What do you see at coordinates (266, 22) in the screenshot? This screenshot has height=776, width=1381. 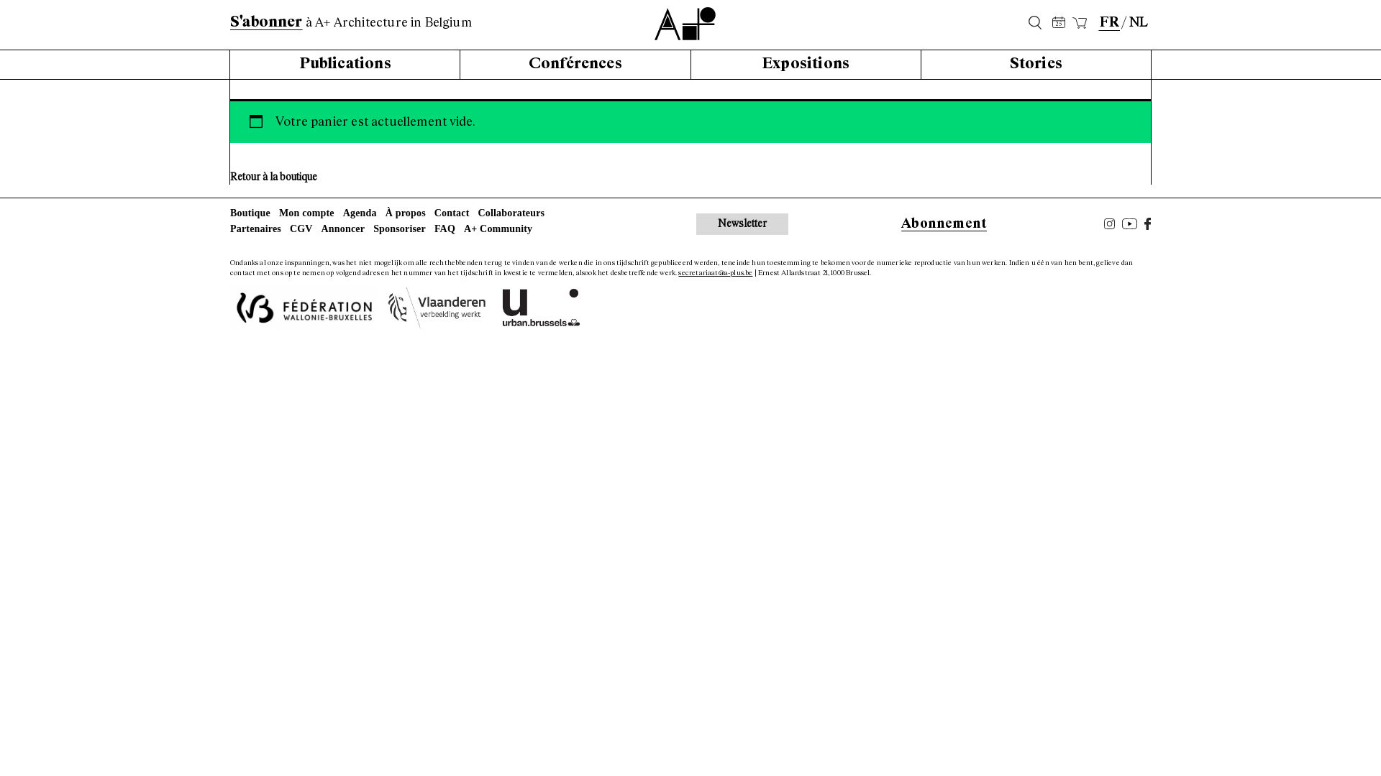 I see `'S'abonner'` at bounding box center [266, 22].